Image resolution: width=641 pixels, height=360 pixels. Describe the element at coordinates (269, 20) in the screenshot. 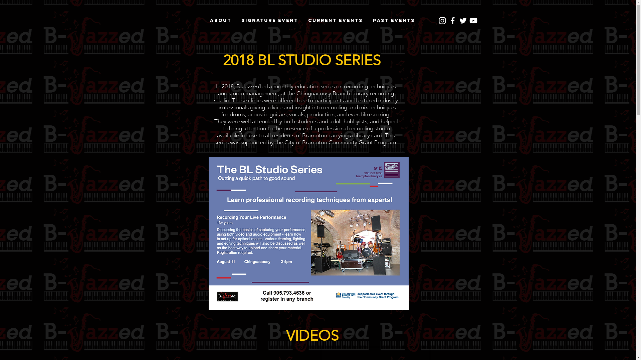

I see `'Signature Event'` at that location.